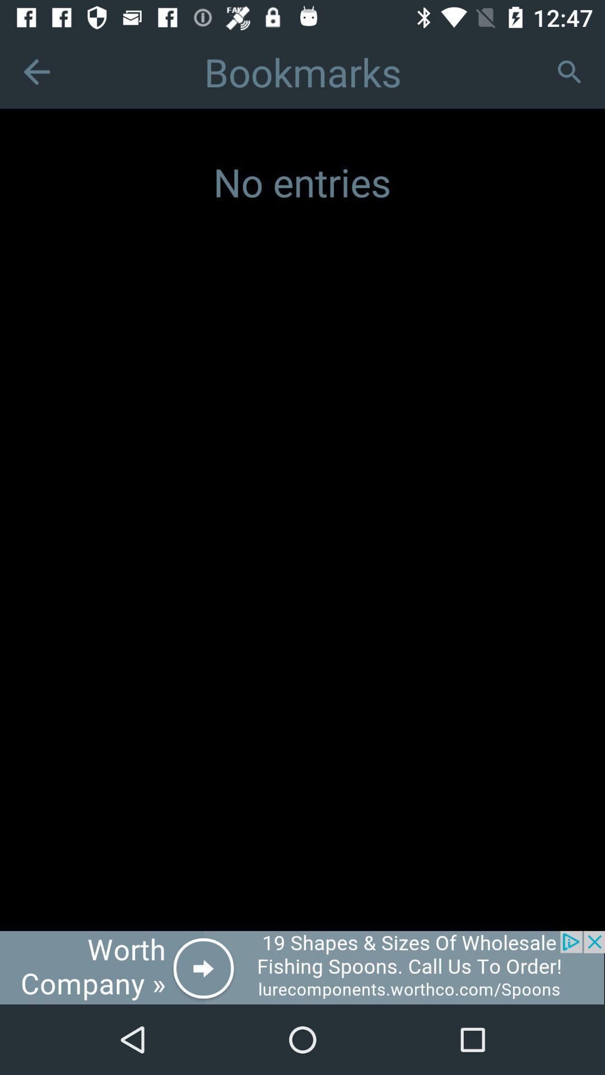 Image resolution: width=605 pixels, height=1075 pixels. What do you see at coordinates (36, 71) in the screenshot?
I see `go back` at bounding box center [36, 71].